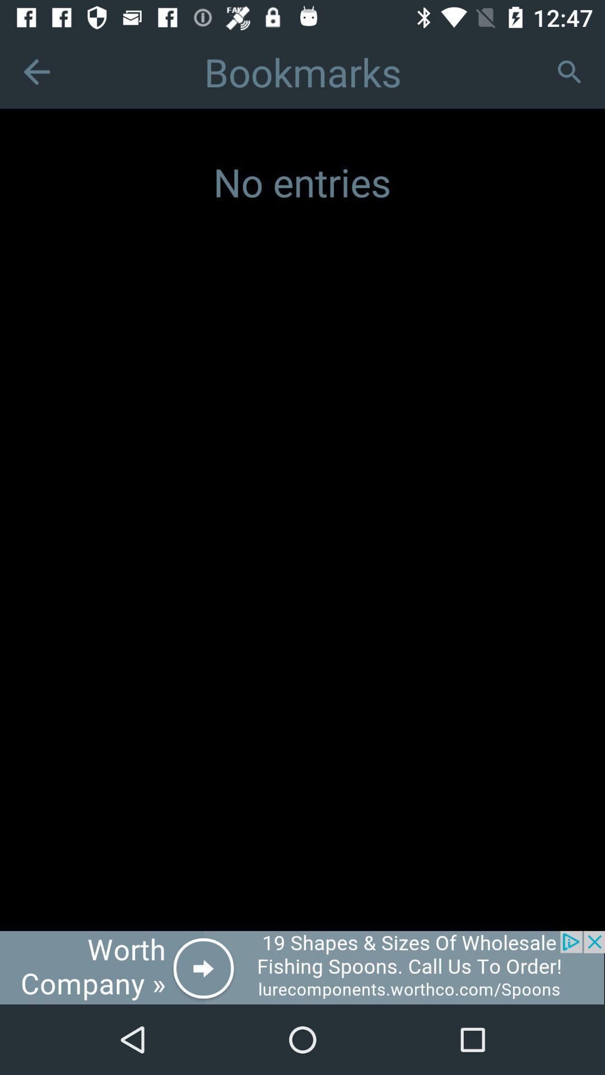 Image resolution: width=605 pixels, height=1075 pixels. What do you see at coordinates (36, 71) in the screenshot?
I see `go back` at bounding box center [36, 71].